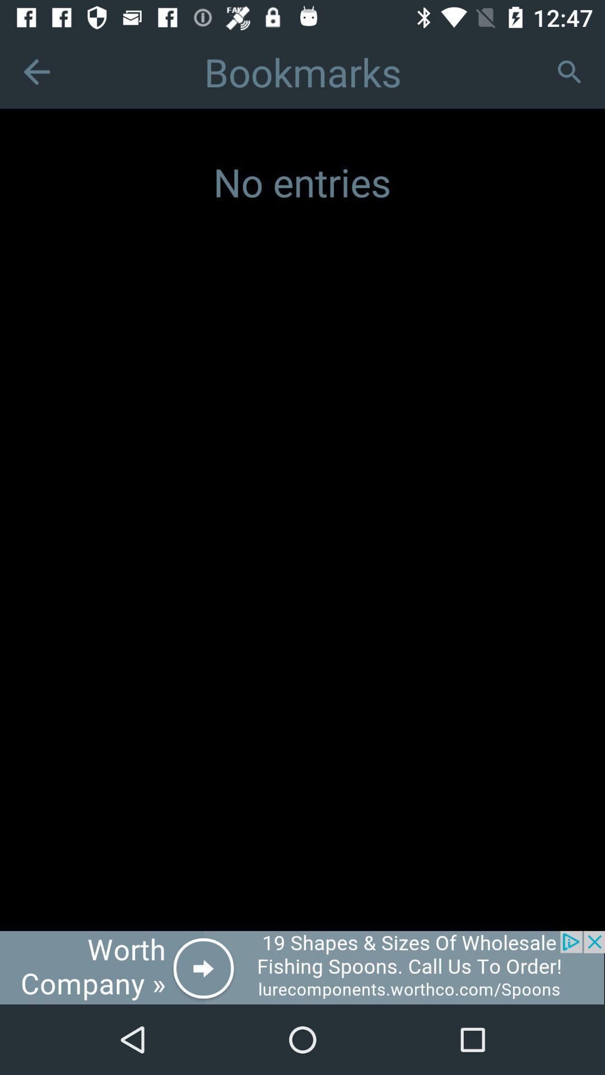 Image resolution: width=605 pixels, height=1075 pixels. What do you see at coordinates (36, 71) in the screenshot?
I see `go back` at bounding box center [36, 71].